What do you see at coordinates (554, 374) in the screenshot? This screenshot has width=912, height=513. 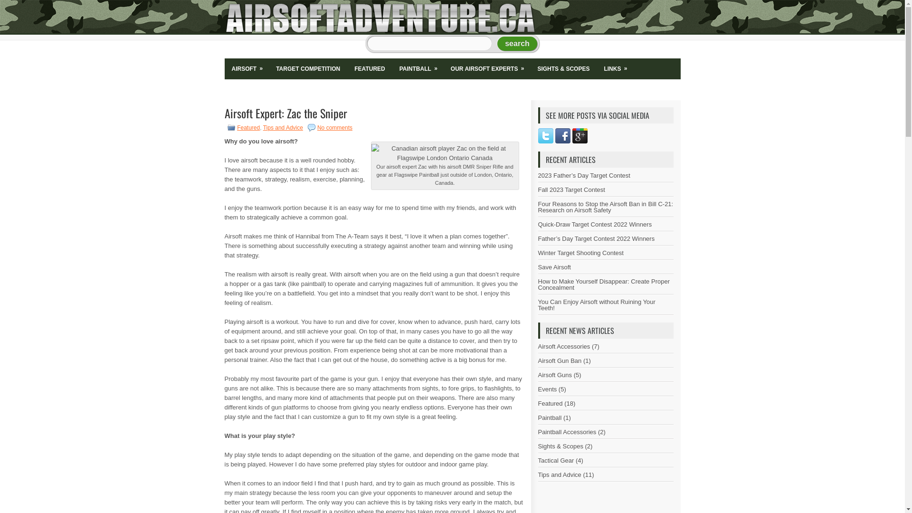 I see `'Airsoft Guns'` at bounding box center [554, 374].